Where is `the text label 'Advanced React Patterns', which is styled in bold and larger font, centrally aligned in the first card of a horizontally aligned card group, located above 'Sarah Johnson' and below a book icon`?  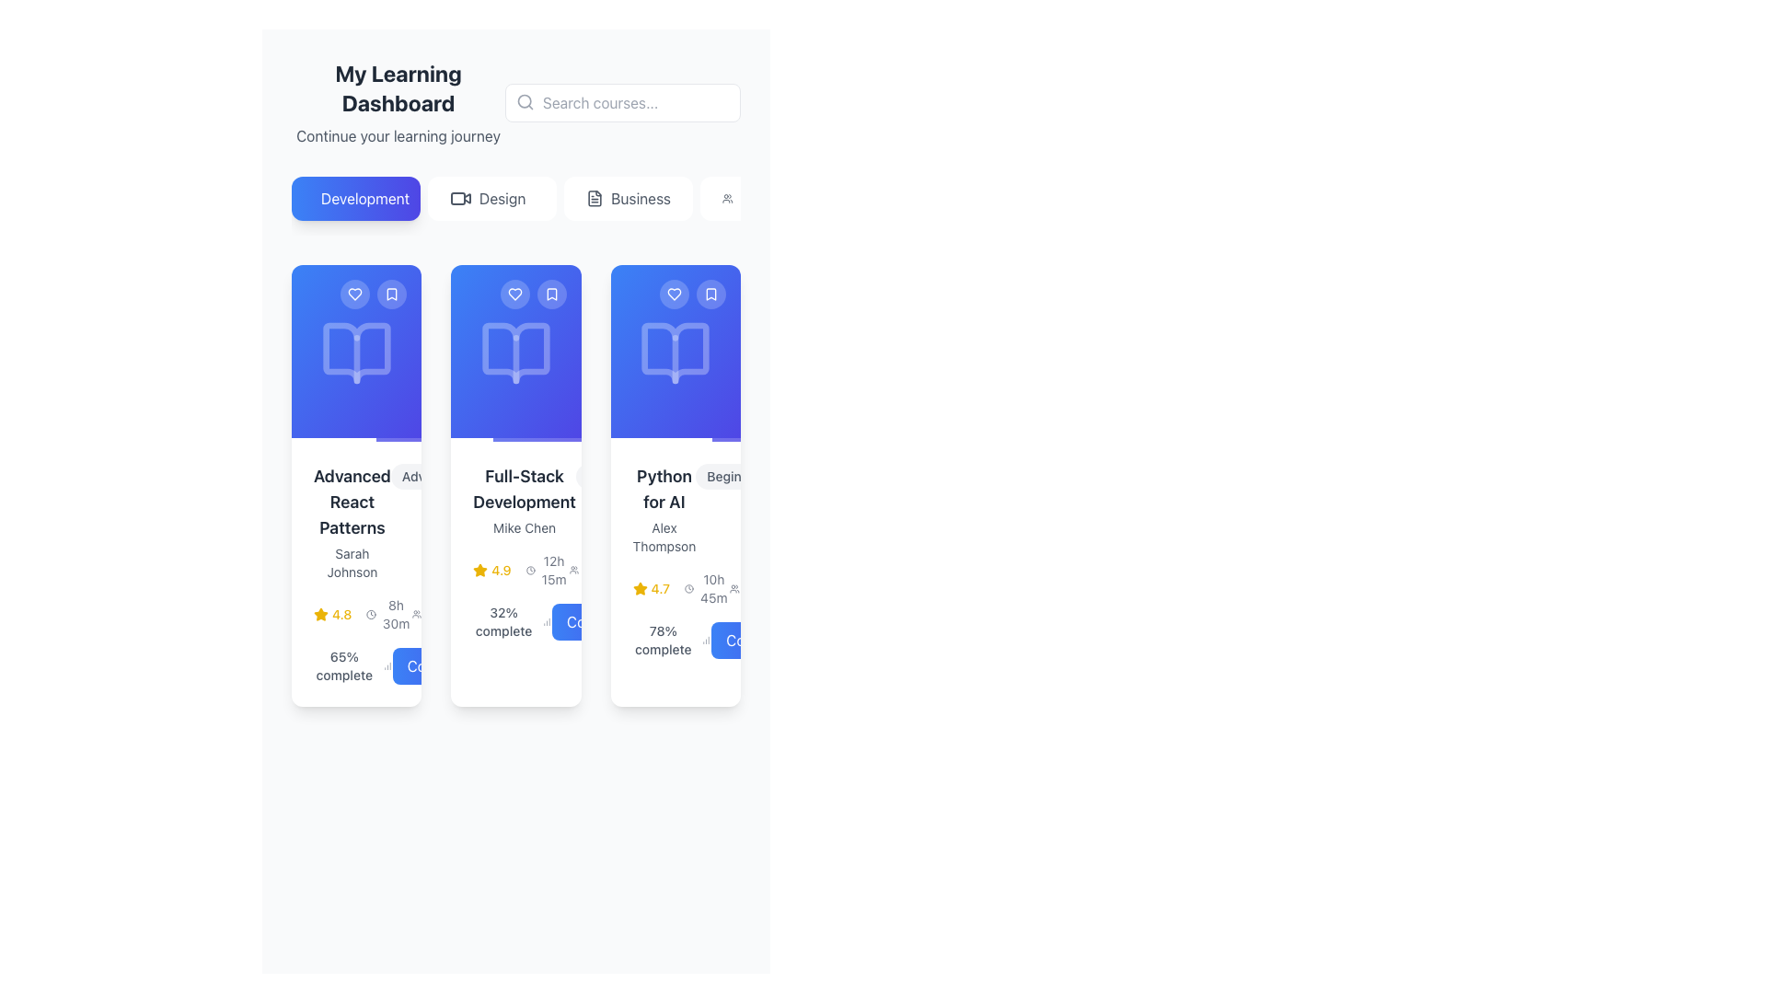 the text label 'Advanced React Patterns', which is styled in bold and larger font, centrally aligned in the first card of a horizontally aligned card group, located above 'Sarah Johnson' and below a book icon is located at coordinates (352, 503).